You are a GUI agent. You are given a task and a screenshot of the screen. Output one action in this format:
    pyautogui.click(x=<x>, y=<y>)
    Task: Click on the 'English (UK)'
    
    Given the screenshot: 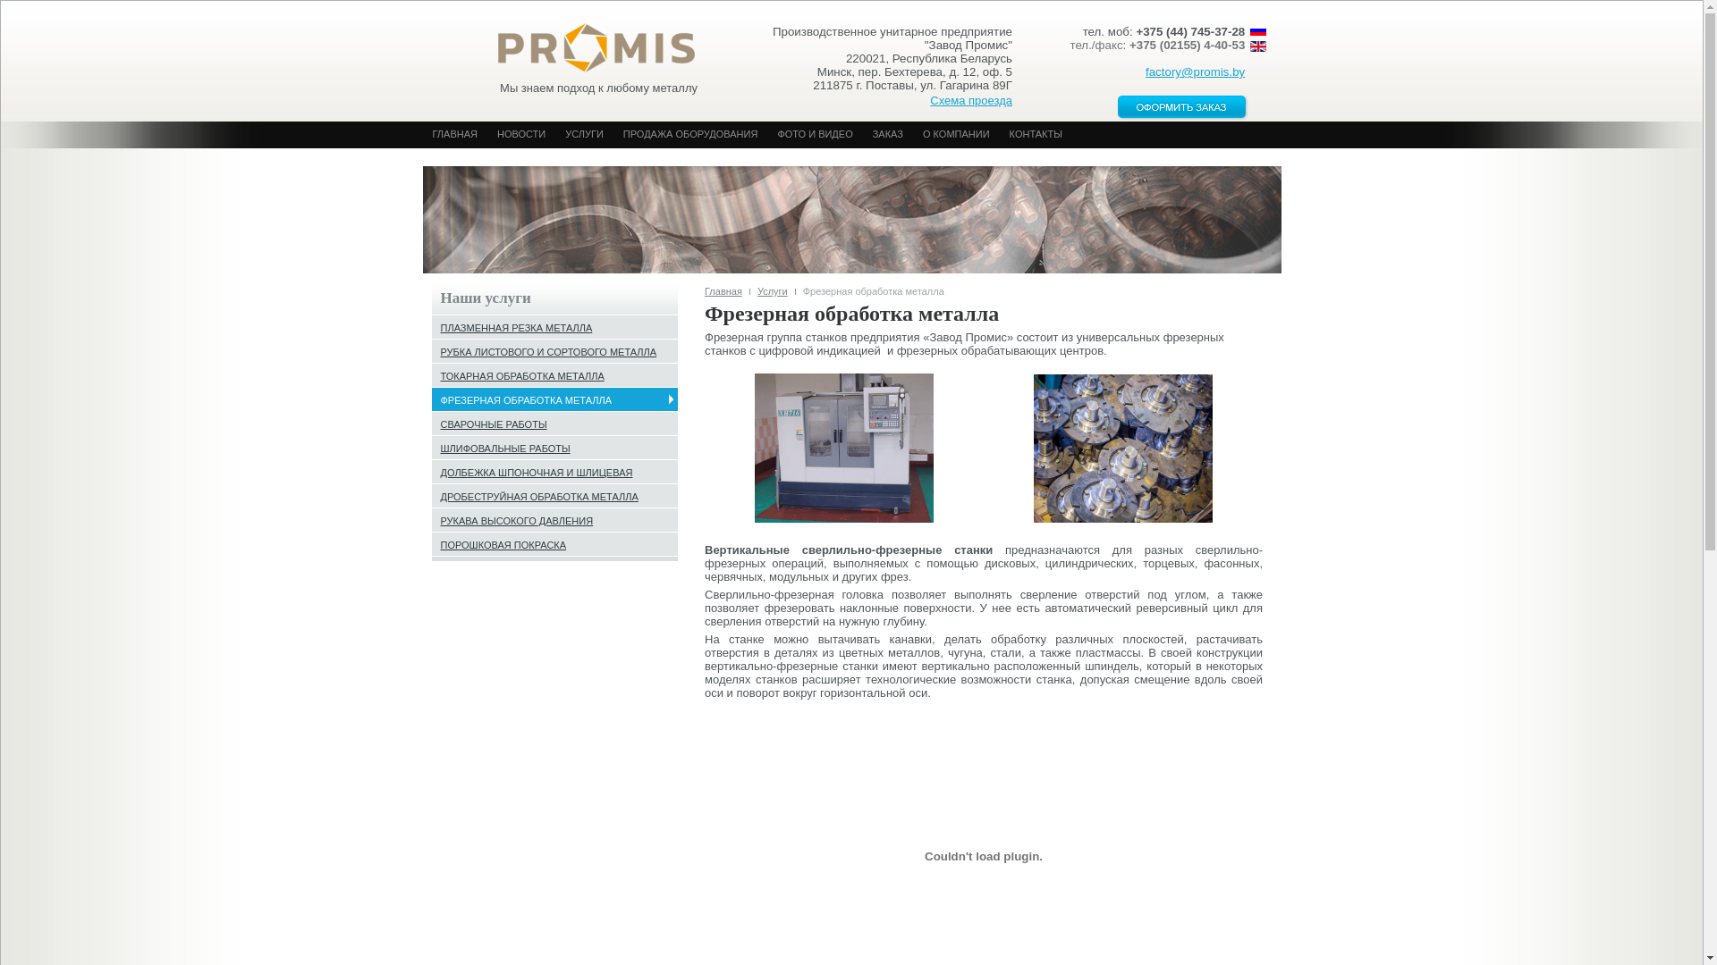 What is the action you would take?
    pyautogui.click(x=1256, y=45)
    